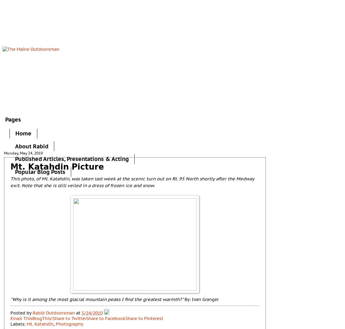 This screenshot has height=329, width=345. What do you see at coordinates (132, 182) in the screenshot?
I see `'This photo, of Mt. Katahdin, was taken last week at the scenic turn out on Rt. 95 North shortly after the Medway exit. Note that she is still veiled in a dress of frozen ice and snow.'` at bounding box center [132, 182].